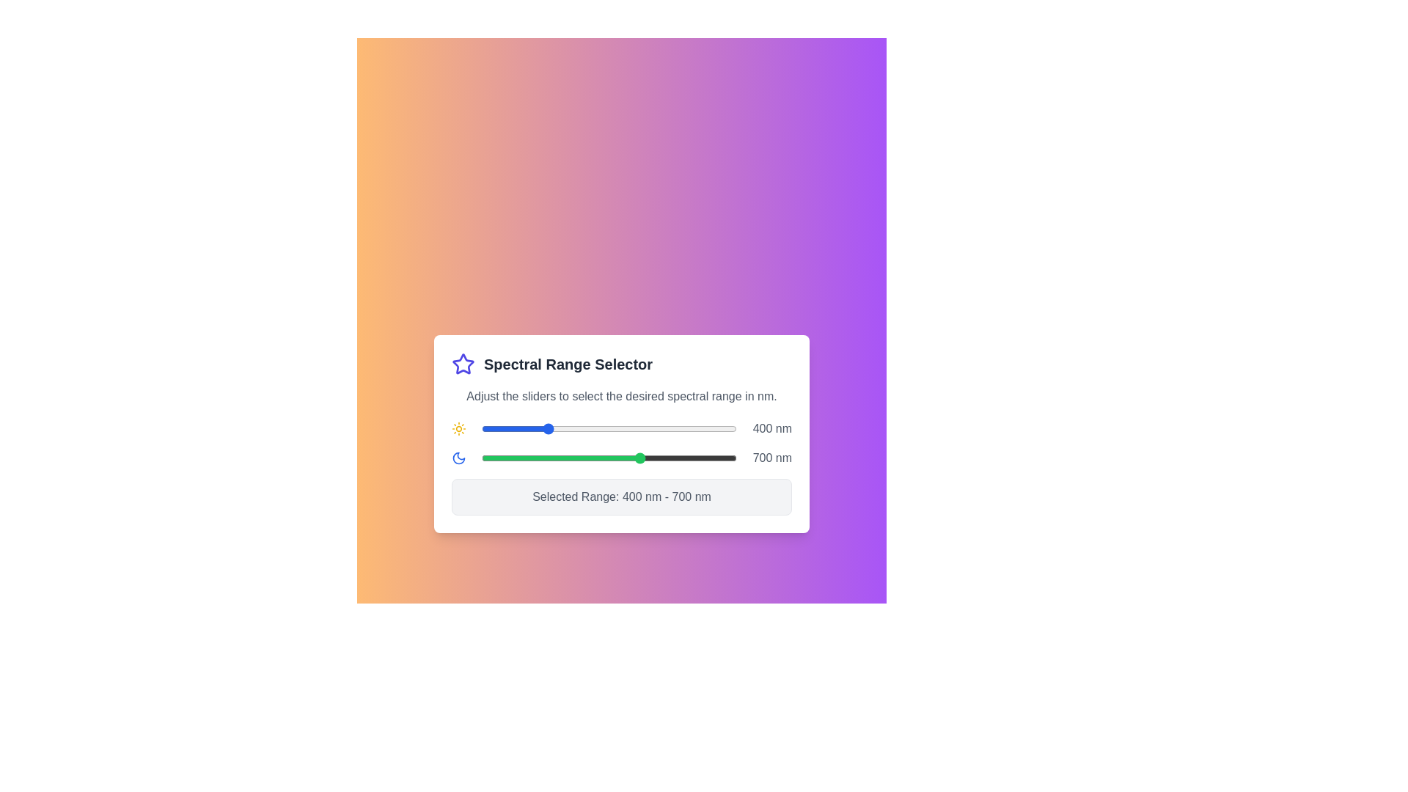  I want to click on the start slider to set the lower limit of the spectral range to 511 nm, so click(580, 429).